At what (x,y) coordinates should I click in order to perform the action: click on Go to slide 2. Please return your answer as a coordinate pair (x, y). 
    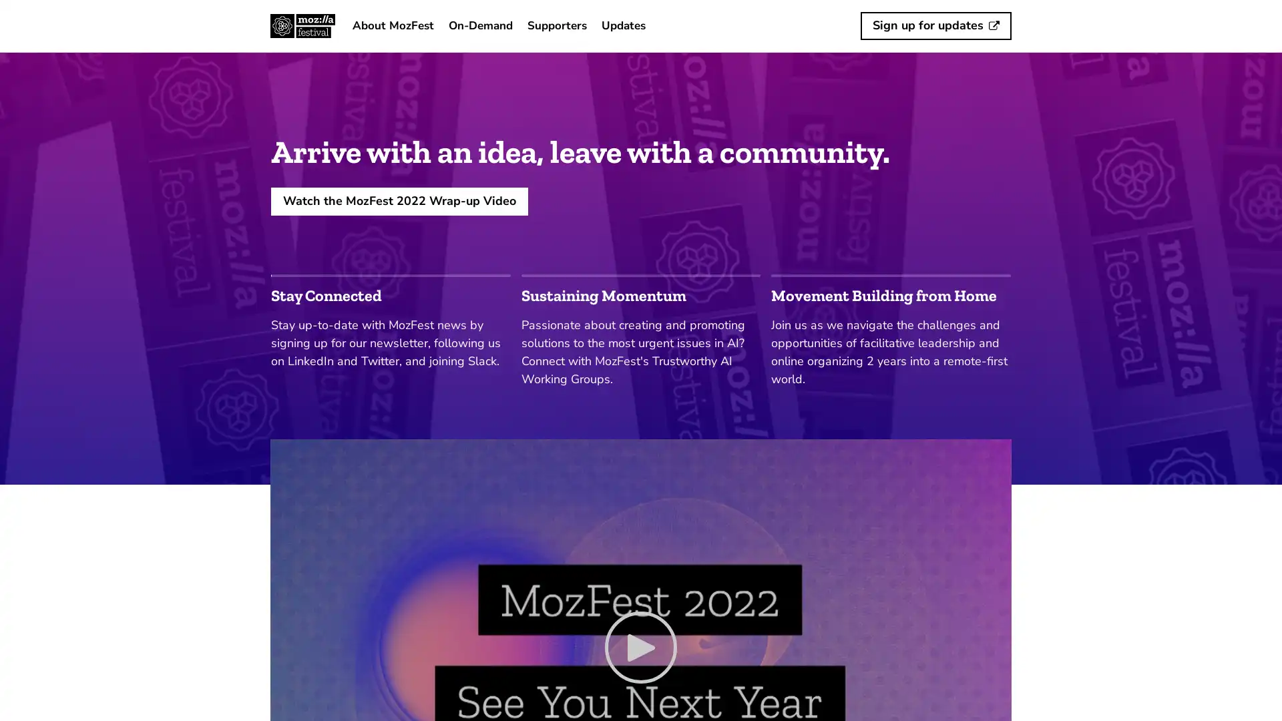
    Looking at the image, I should click on (640, 274).